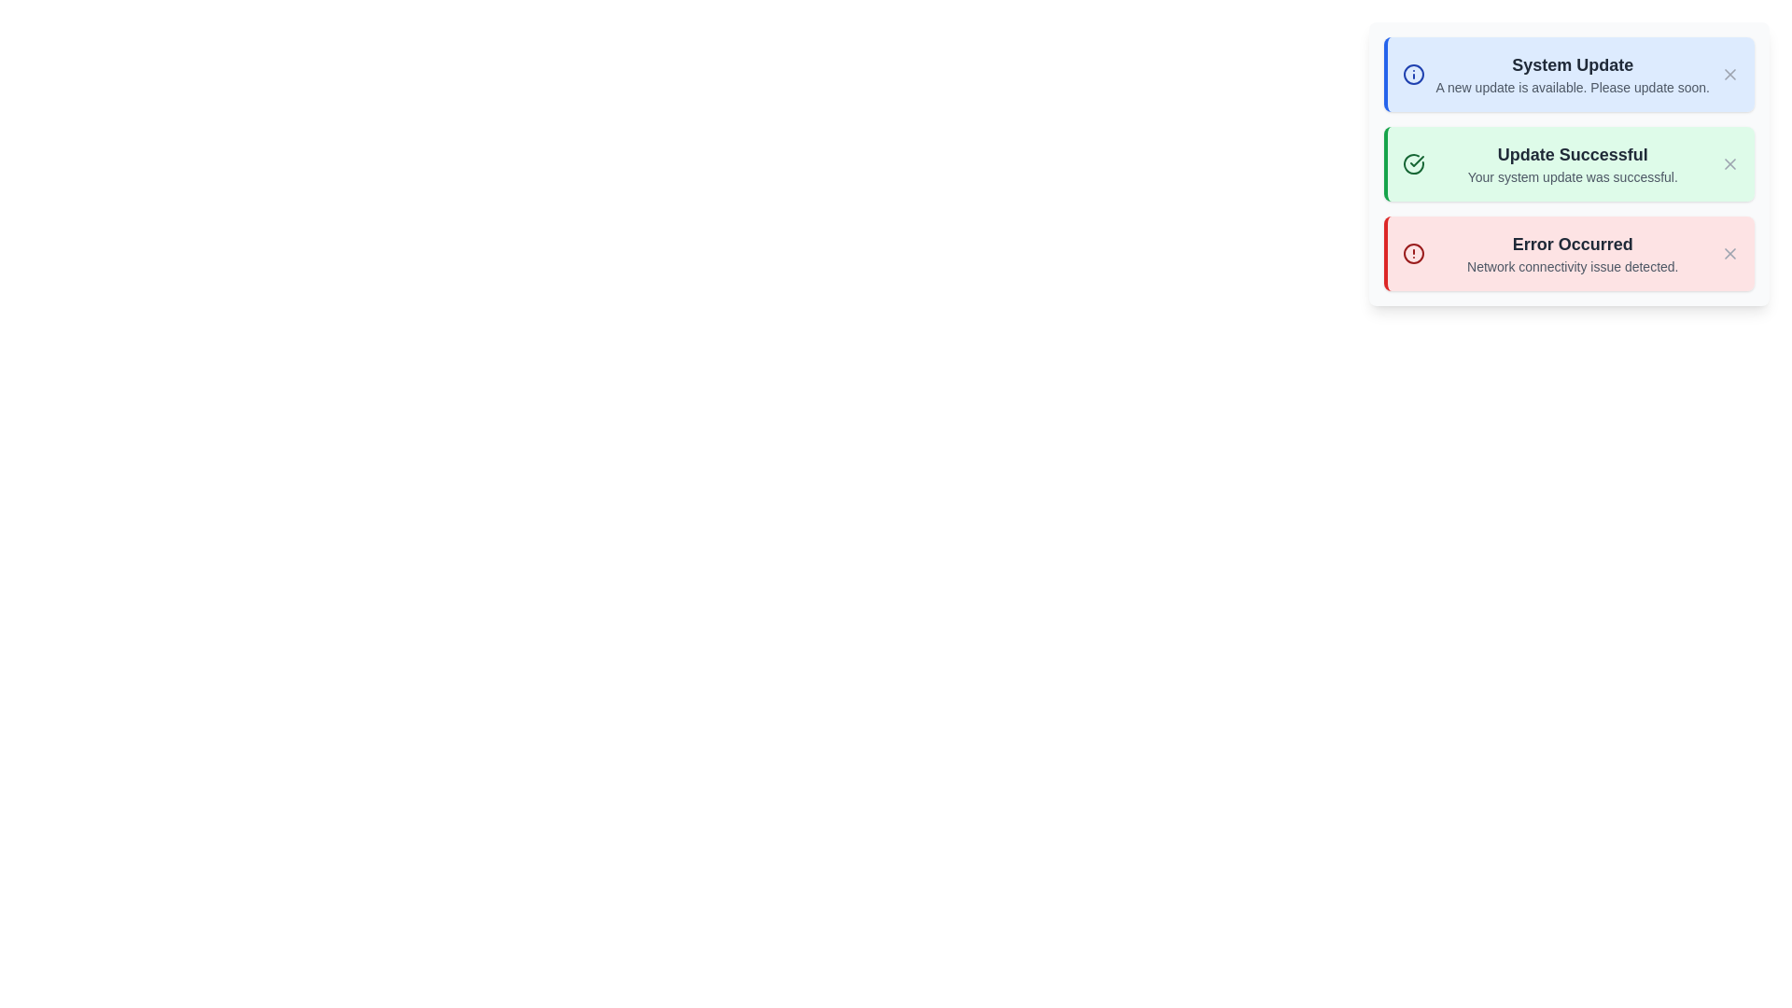 This screenshot has width=1792, height=1008. I want to click on close button of the notification with the title System Update, so click(1729, 74).